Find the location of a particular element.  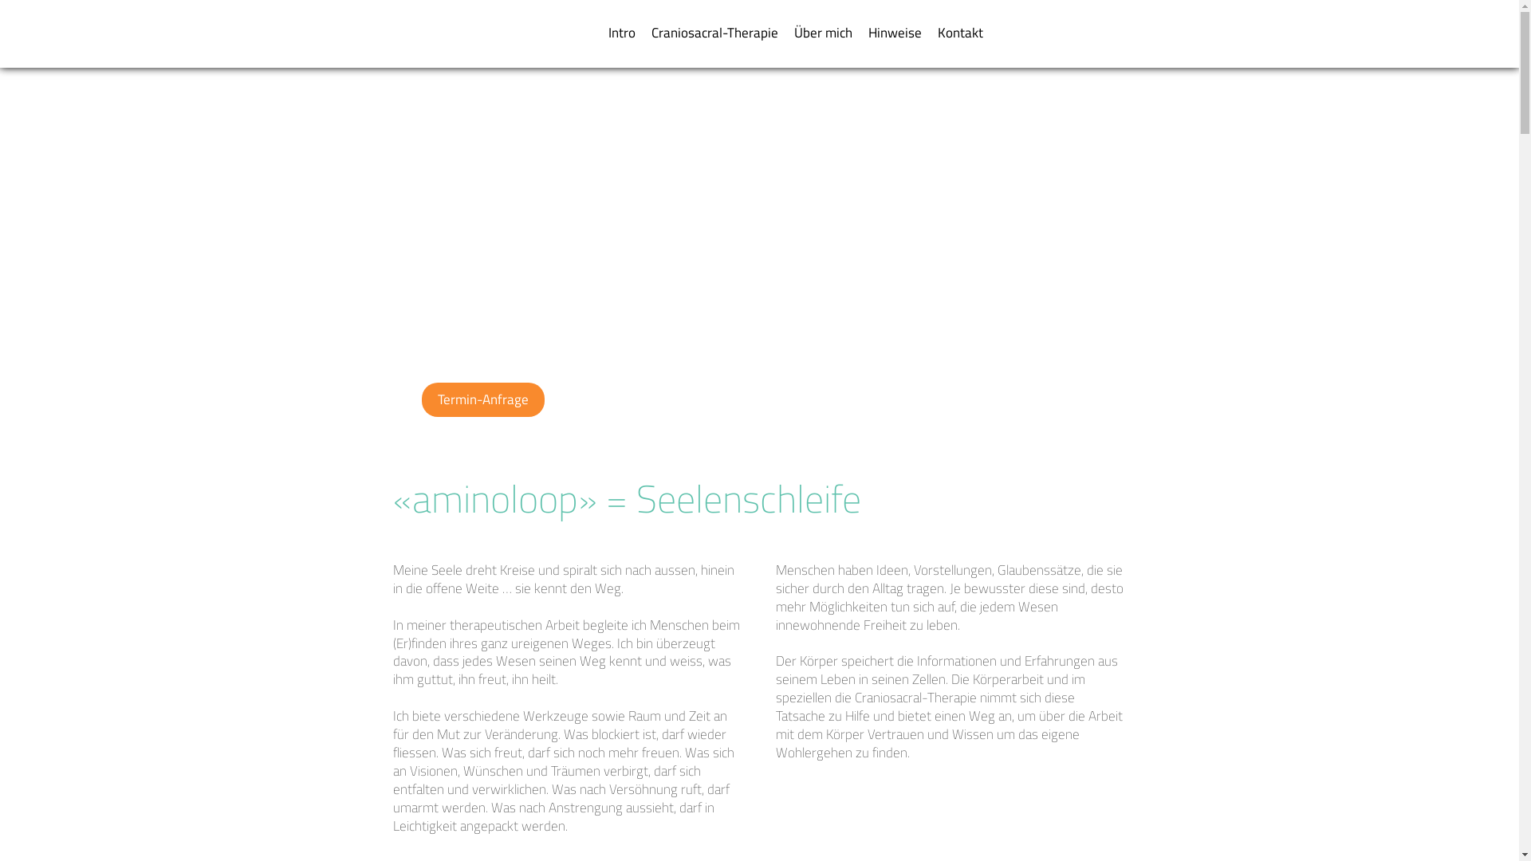

'Hinweise' is located at coordinates (894, 33).